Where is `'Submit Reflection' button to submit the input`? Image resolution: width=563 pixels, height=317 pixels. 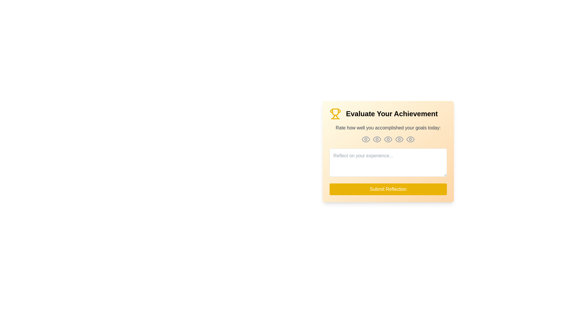
'Submit Reflection' button to submit the input is located at coordinates (388, 189).